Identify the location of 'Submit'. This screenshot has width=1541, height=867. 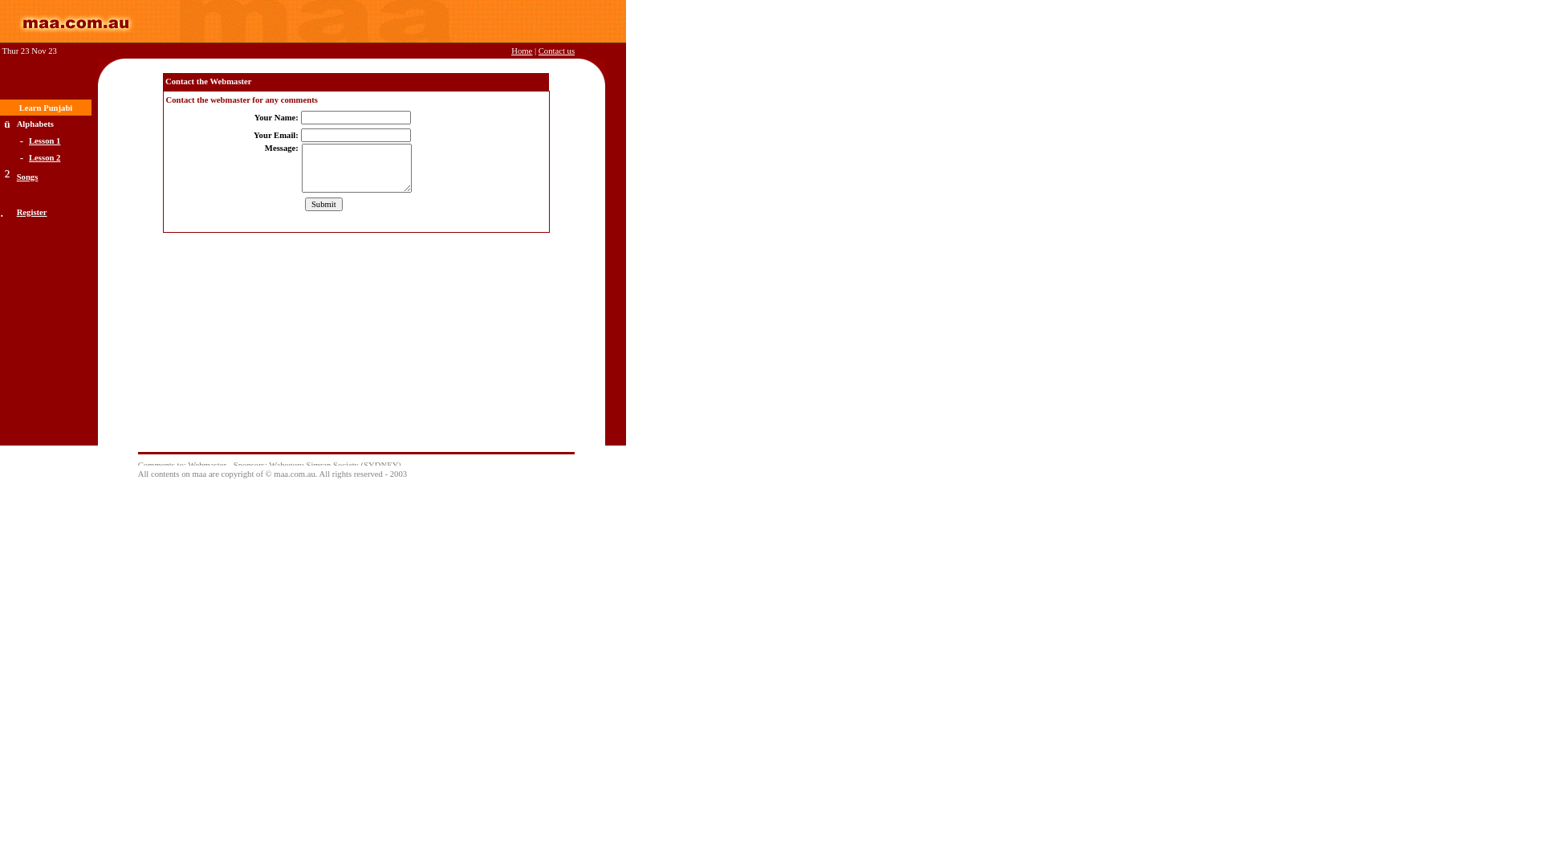
(323, 203).